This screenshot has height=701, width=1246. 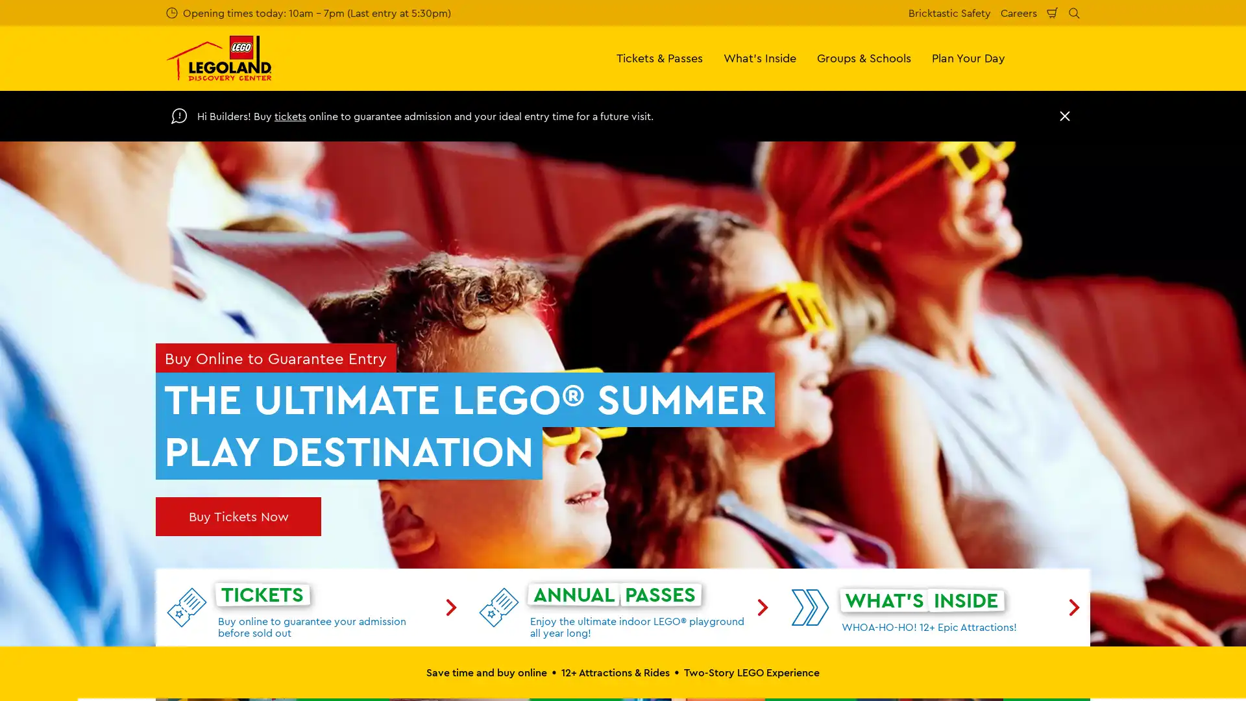 What do you see at coordinates (1065, 115) in the screenshot?
I see `Close` at bounding box center [1065, 115].